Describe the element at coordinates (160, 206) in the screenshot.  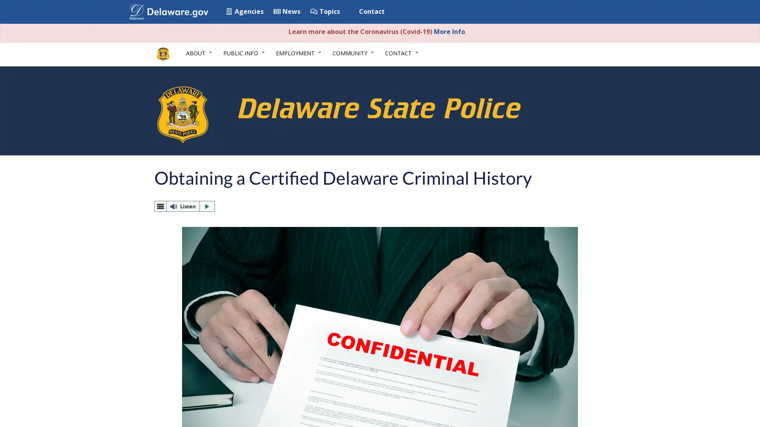
I see `webReader Menu` at that location.